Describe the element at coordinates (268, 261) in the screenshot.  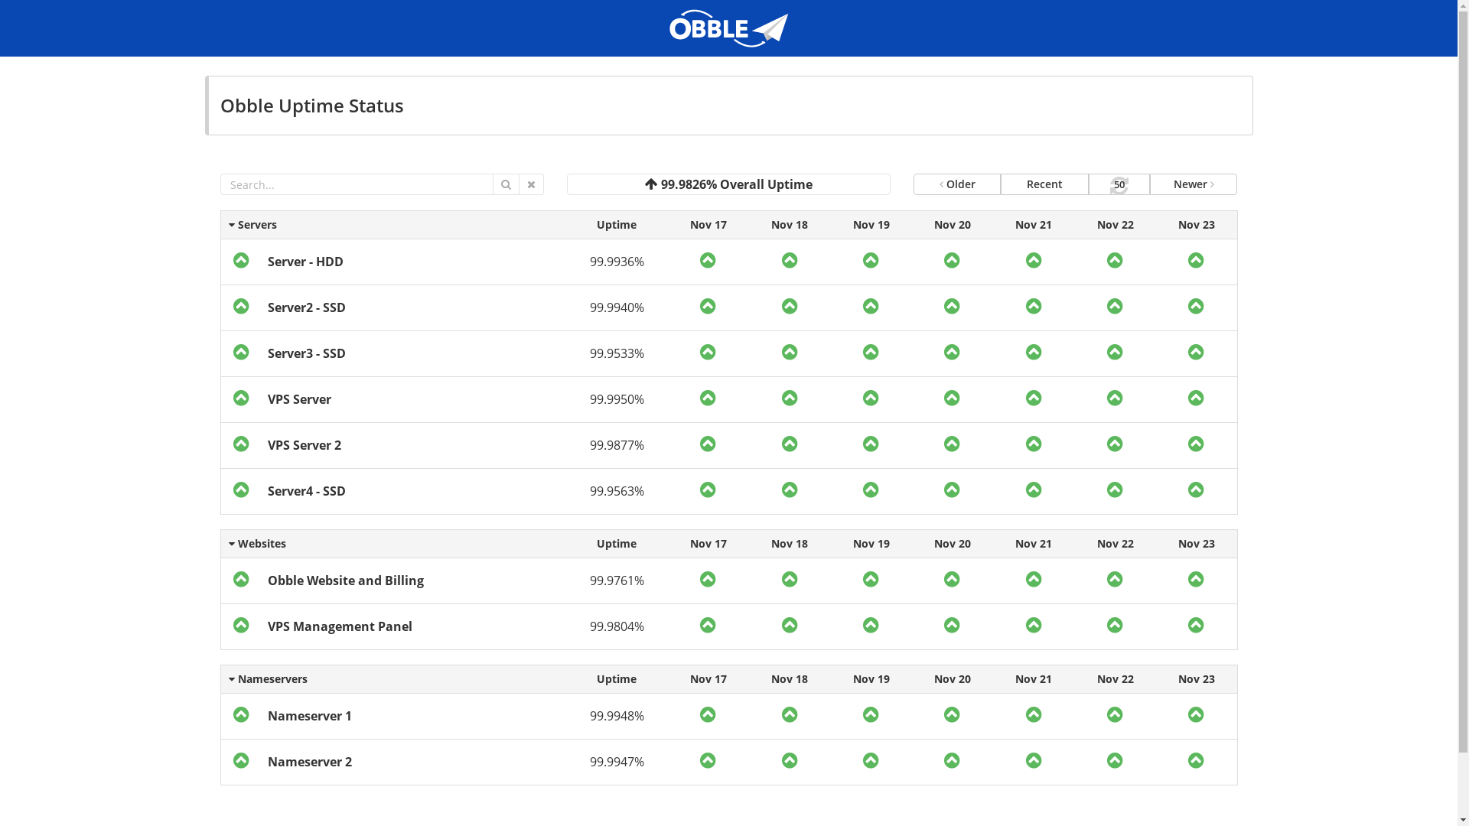
I see `'Server - HDD'` at that location.